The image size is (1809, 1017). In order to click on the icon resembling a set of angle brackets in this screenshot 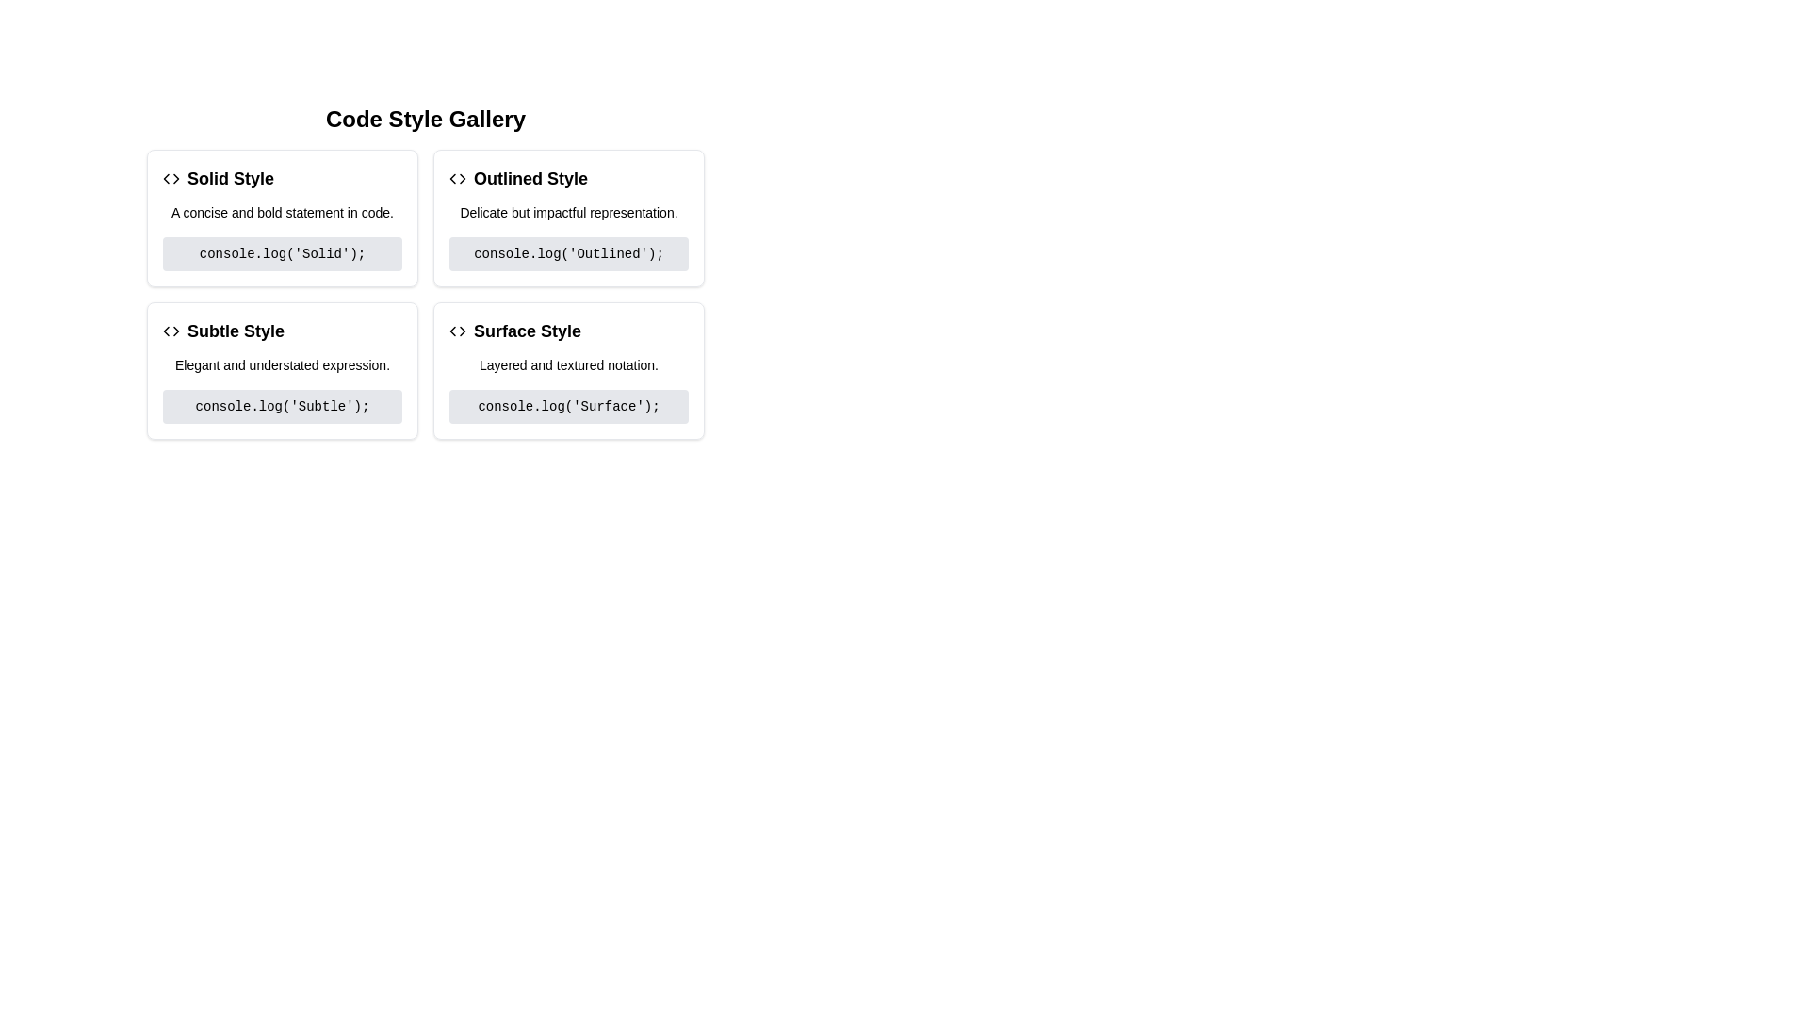, I will do `click(171, 330)`.